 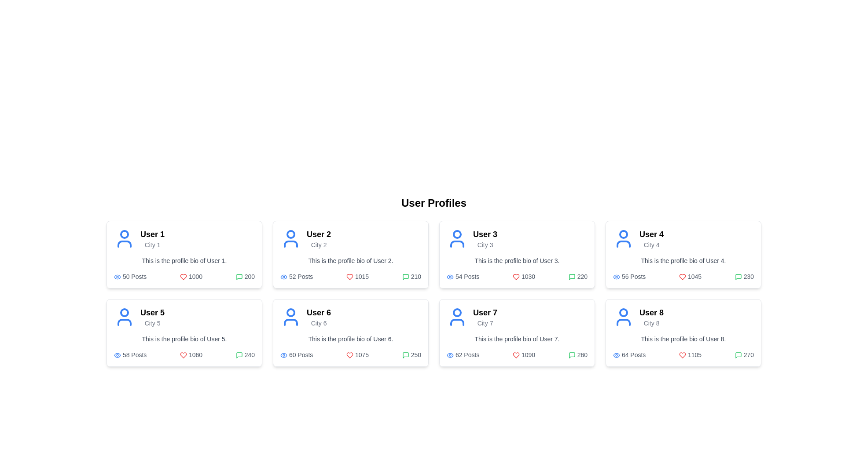 I want to click on the label indicating the city associated with 'User 4', located in the top-right profile card under the title 'User 4', so click(x=651, y=245).